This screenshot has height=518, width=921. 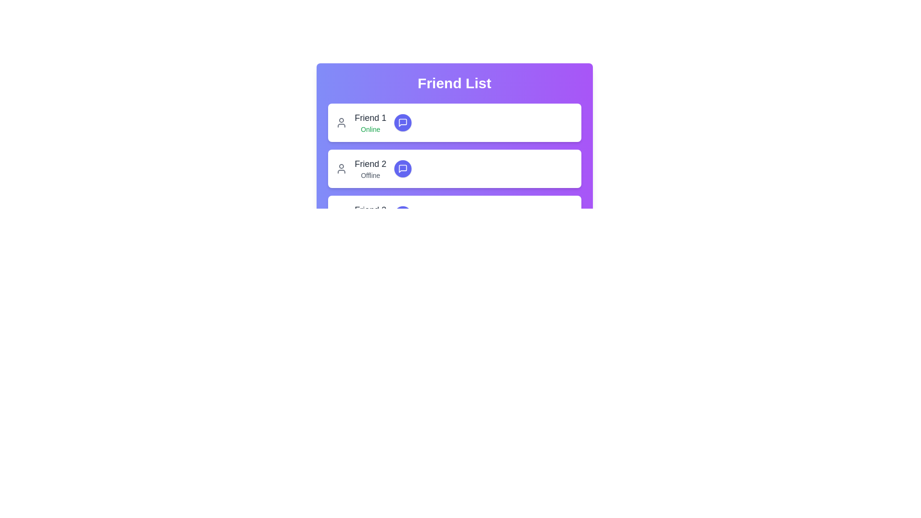 I want to click on the text label reading 'Friend 1', which is styled in a large dark gray font and is located at the top of the card displaying 'Friend 1' information, so click(x=370, y=118).